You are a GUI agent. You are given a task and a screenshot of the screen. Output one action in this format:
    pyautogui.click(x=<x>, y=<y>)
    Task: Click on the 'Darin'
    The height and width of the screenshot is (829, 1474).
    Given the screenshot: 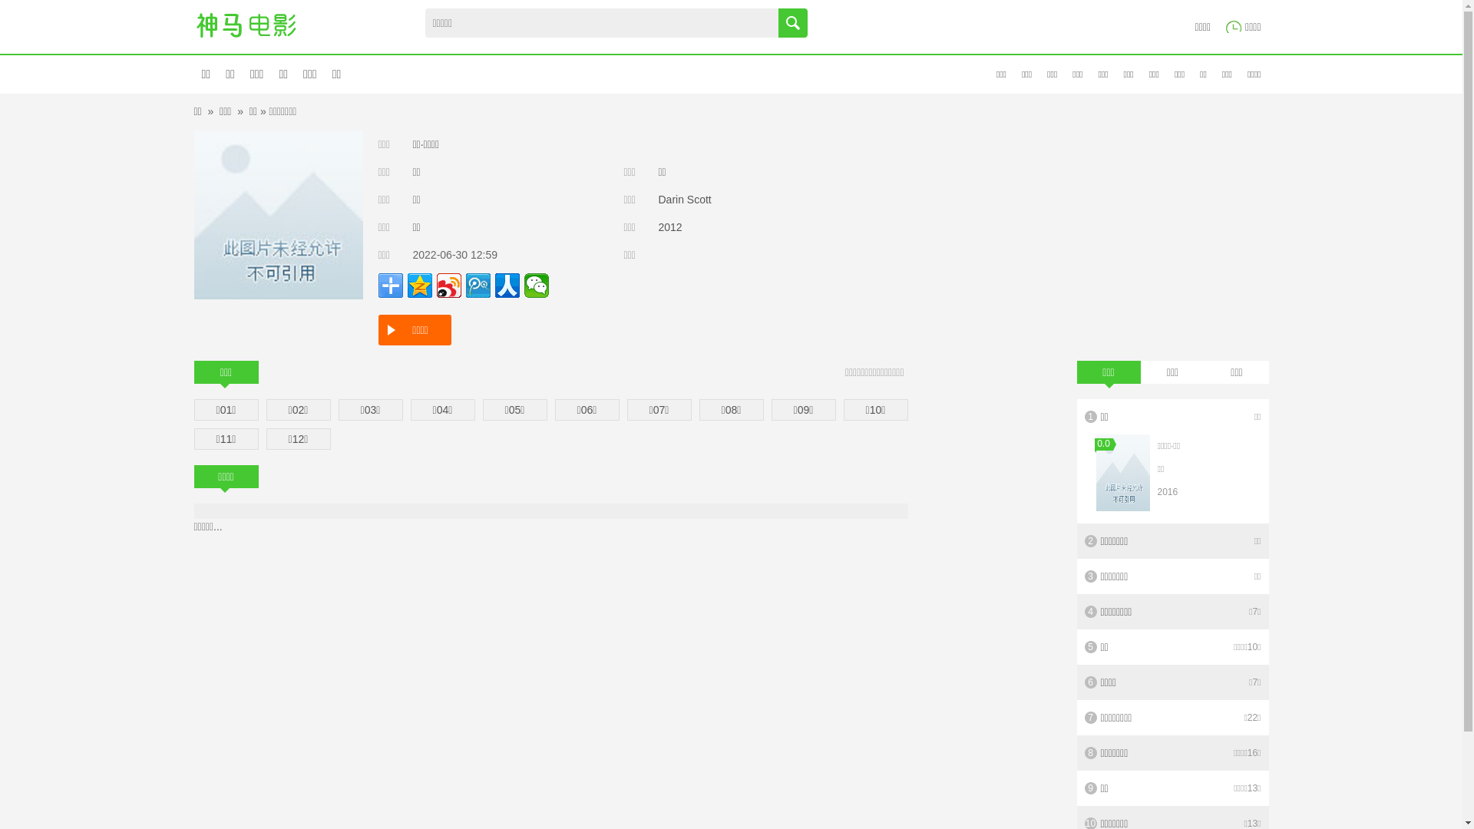 What is the action you would take?
    pyautogui.click(x=659, y=198)
    